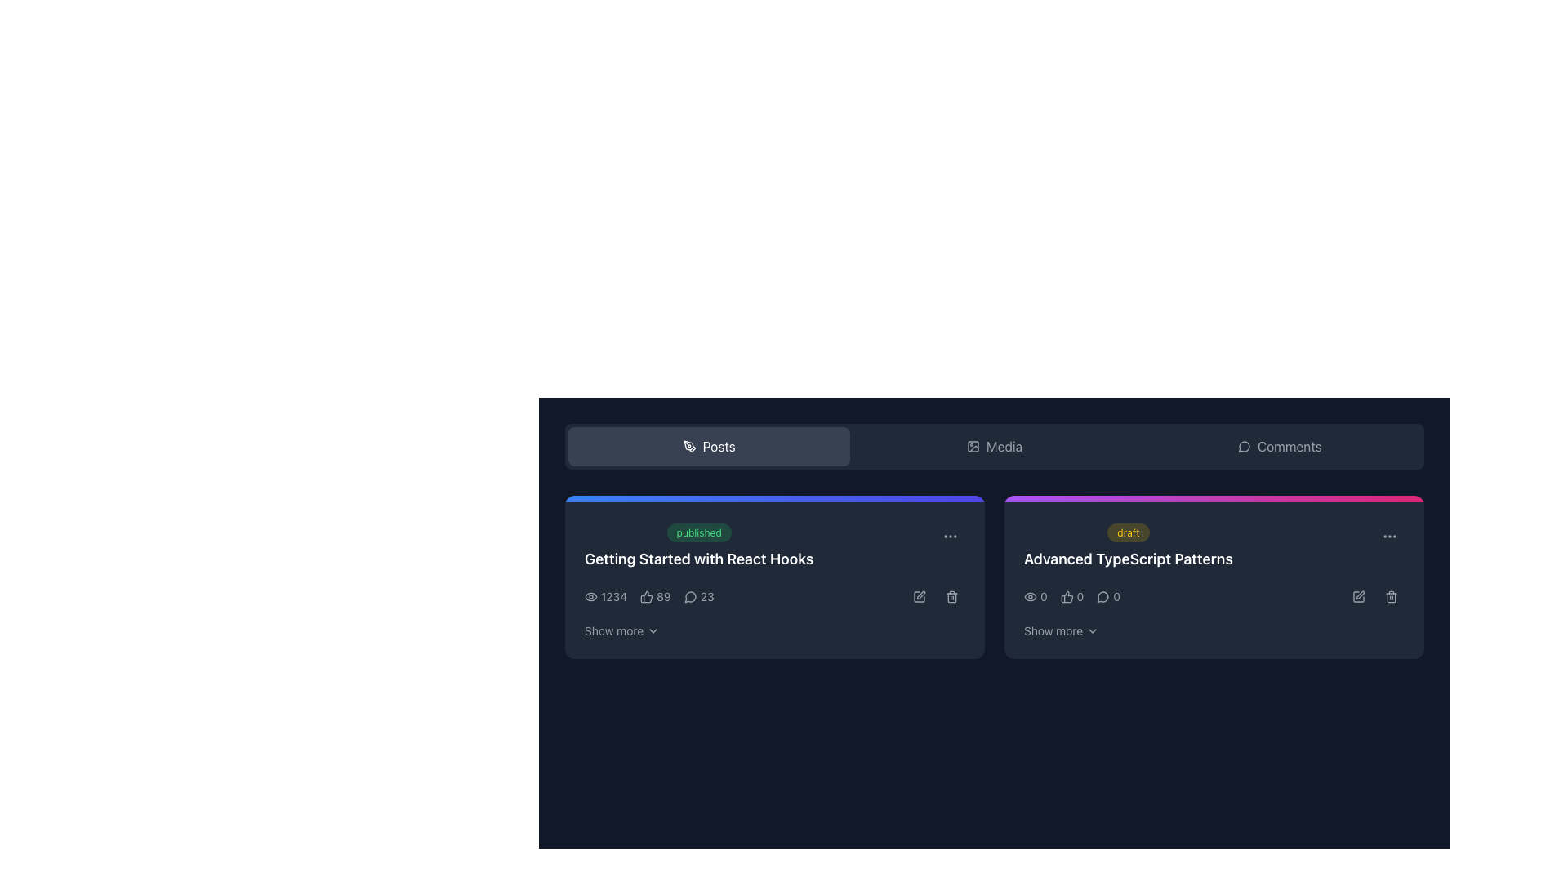 This screenshot has height=882, width=1568. Describe the element at coordinates (663, 597) in the screenshot. I see `like count displayed next to the thumbs-up icon in the card under the heading 'Getting Started with React Hooks'` at that location.